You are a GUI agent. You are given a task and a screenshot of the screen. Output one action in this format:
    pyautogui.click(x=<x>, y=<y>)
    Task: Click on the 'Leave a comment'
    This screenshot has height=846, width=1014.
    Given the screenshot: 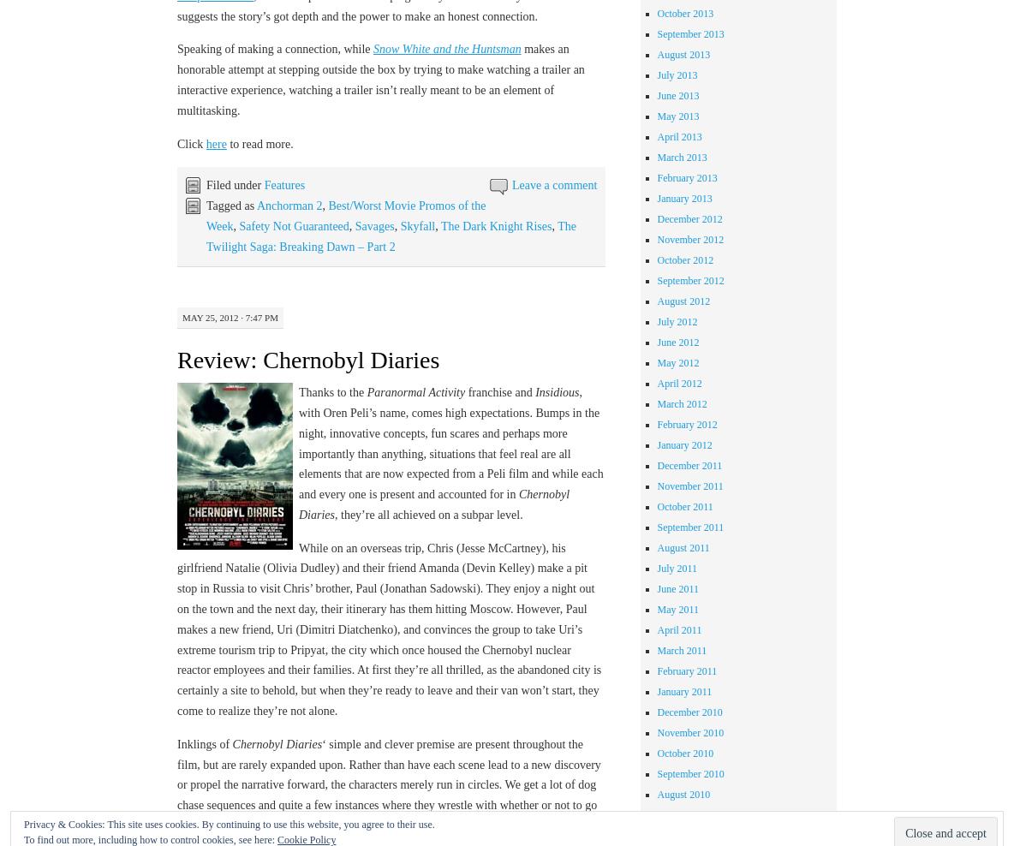 What is the action you would take?
    pyautogui.click(x=553, y=185)
    